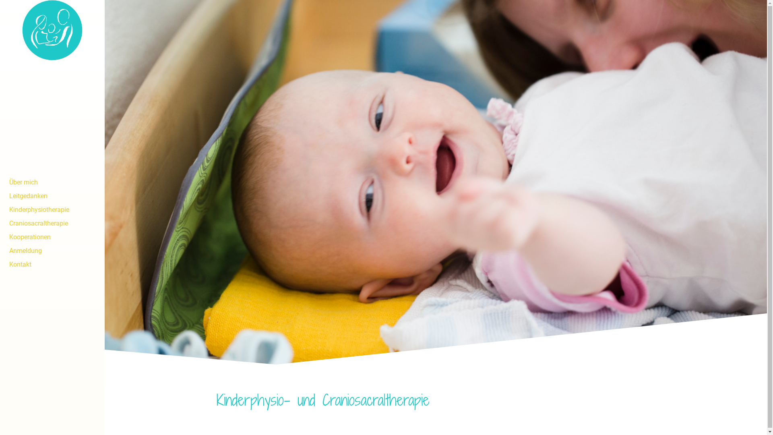  I want to click on 'Leitgedanken', so click(52, 196).